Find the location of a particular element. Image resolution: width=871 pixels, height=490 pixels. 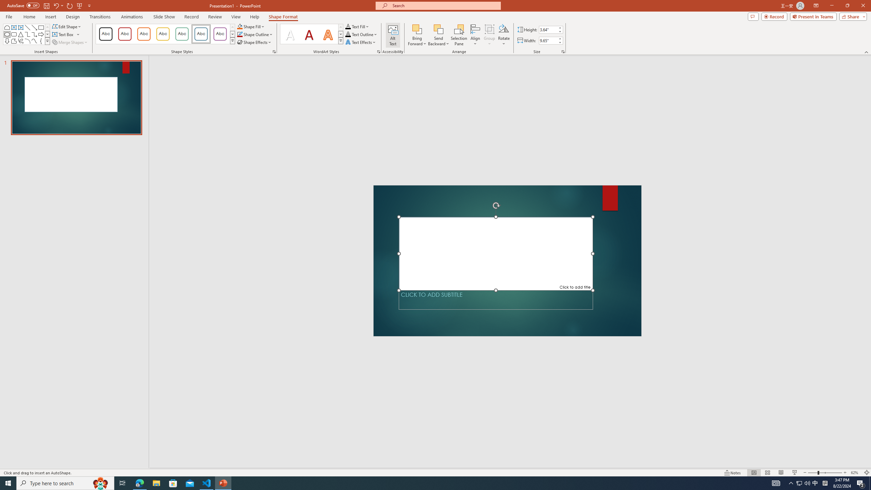

'Rectangle' is located at coordinates (40, 27).